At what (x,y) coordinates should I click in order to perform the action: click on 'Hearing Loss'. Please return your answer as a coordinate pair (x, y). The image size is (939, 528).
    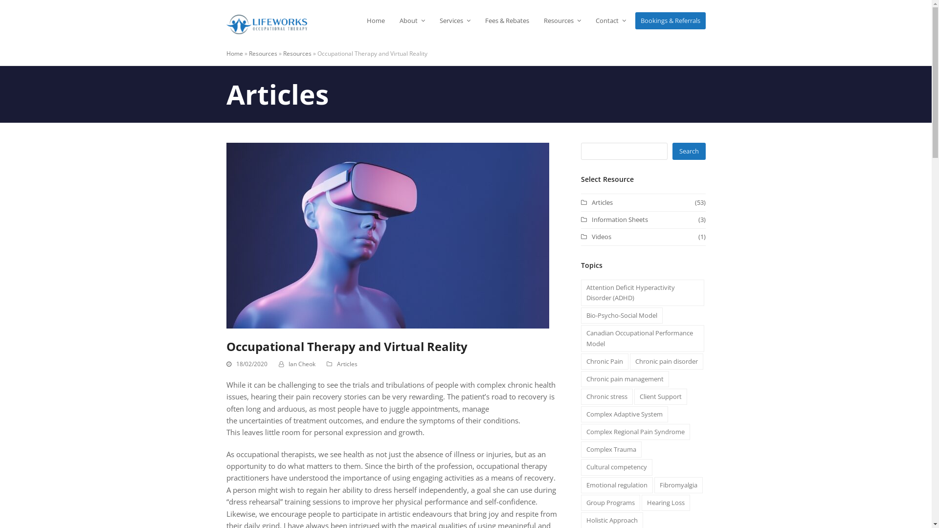
    Looking at the image, I should click on (665, 503).